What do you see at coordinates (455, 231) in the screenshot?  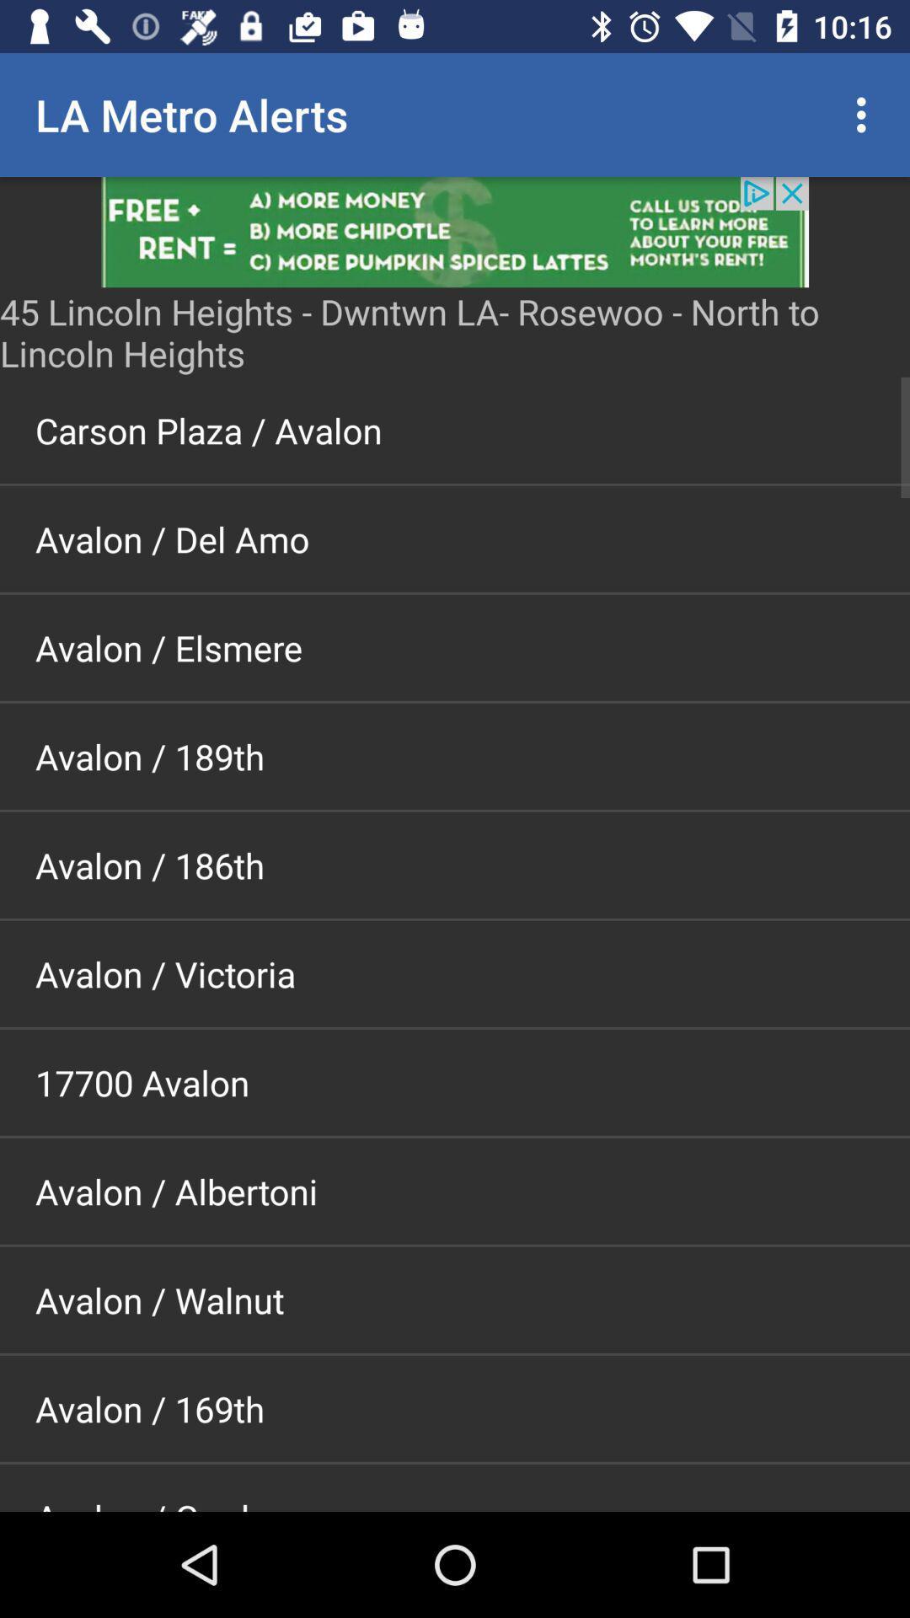 I see `adverts` at bounding box center [455, 231].